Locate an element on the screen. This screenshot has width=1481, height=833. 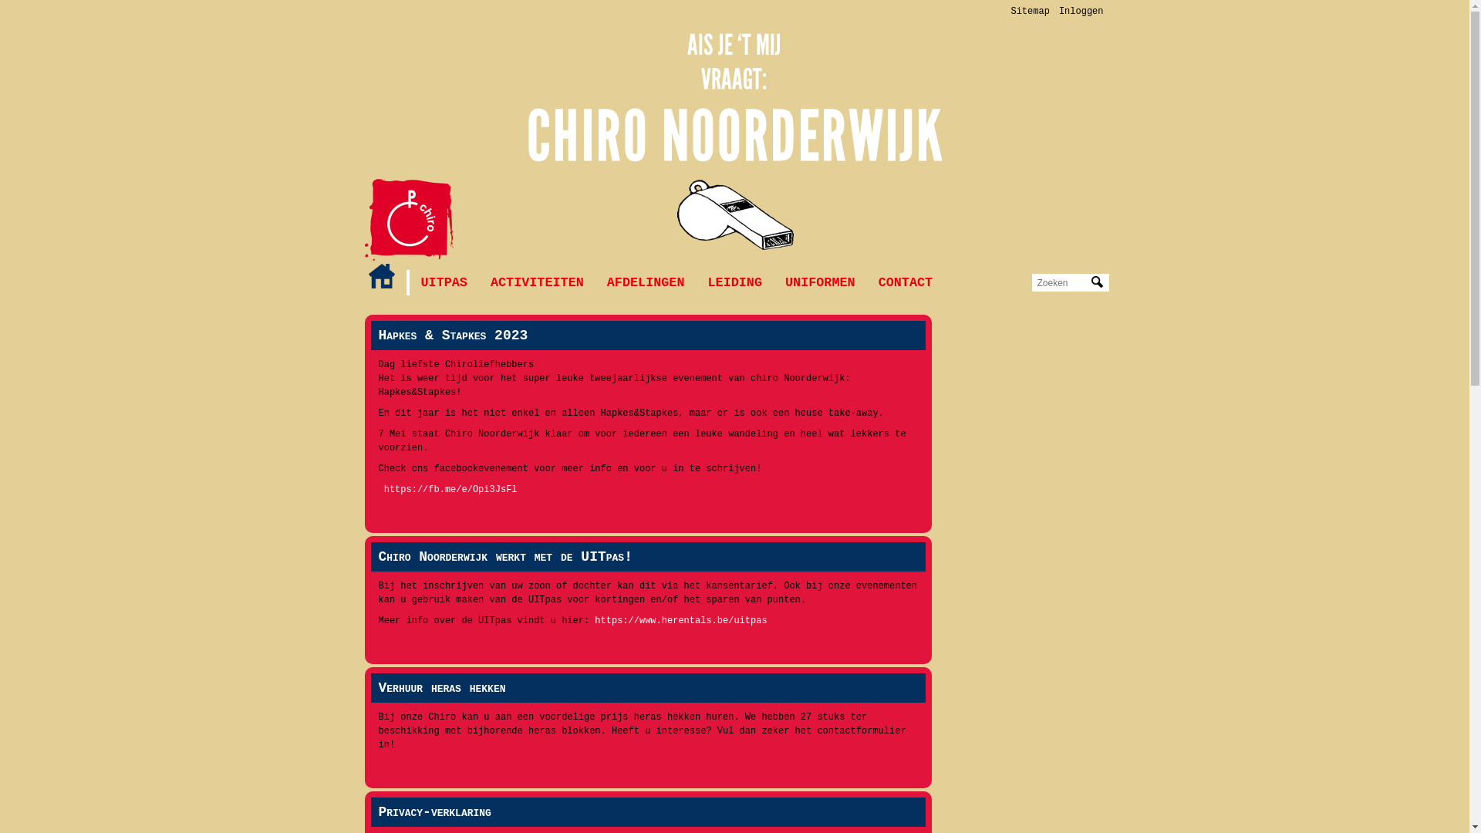
'UITPAS' is located at coordinates (443, 282).